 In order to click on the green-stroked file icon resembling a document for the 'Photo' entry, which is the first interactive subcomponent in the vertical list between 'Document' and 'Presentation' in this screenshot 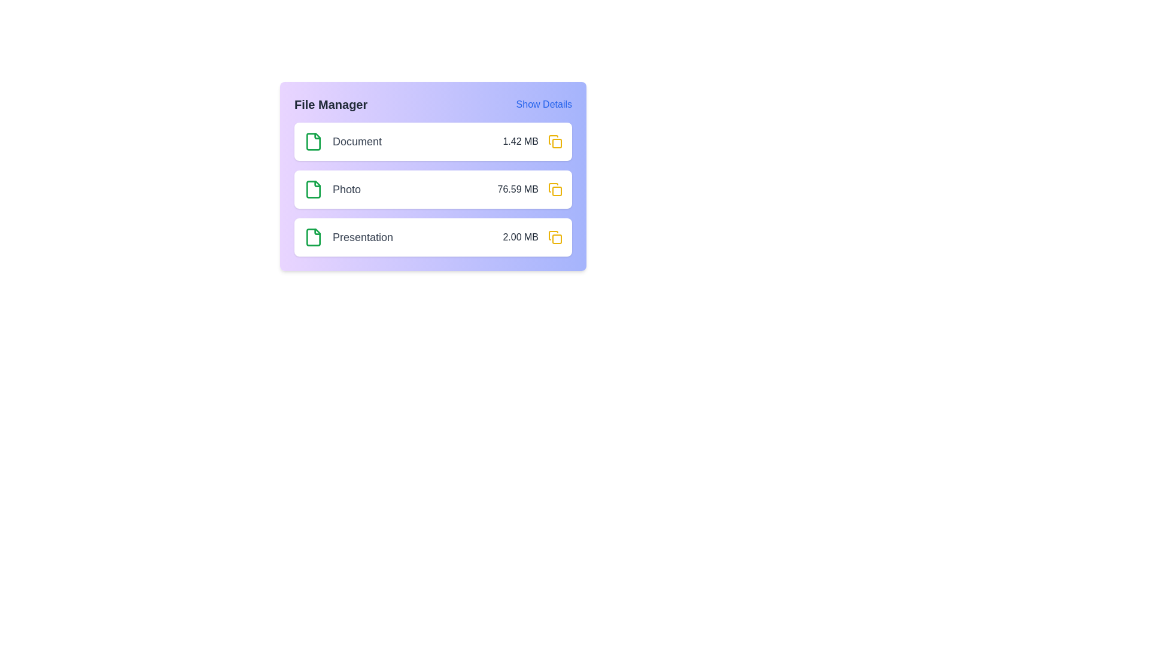, I will do `click(313, 188)`.